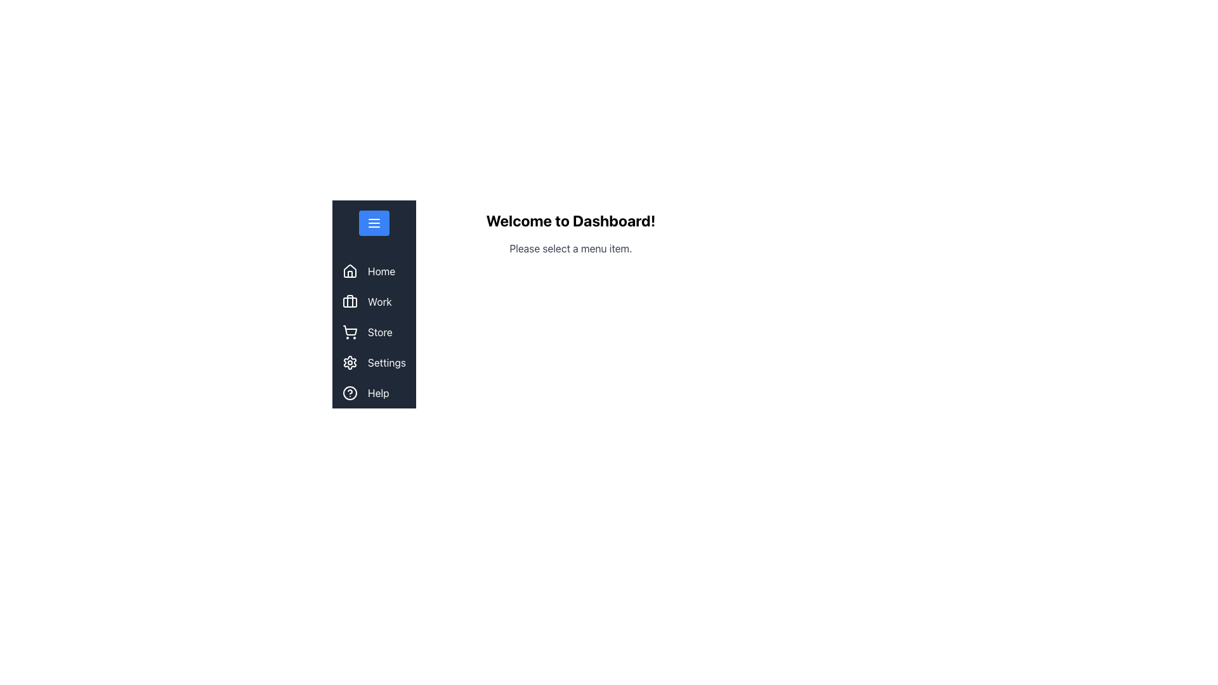  Describe the element at coordinates (374, 271) in the screenshot. I see `the 'Home' navigation button located at the top of the sidebar` at that location.